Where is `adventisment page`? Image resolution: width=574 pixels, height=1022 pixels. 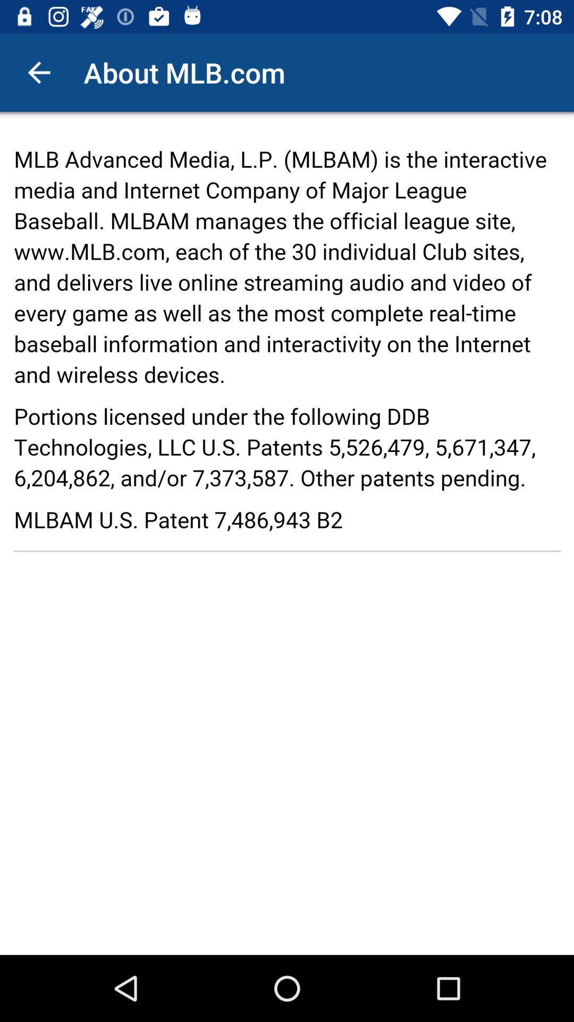 adventisment page is located at coordinates (287, 533).